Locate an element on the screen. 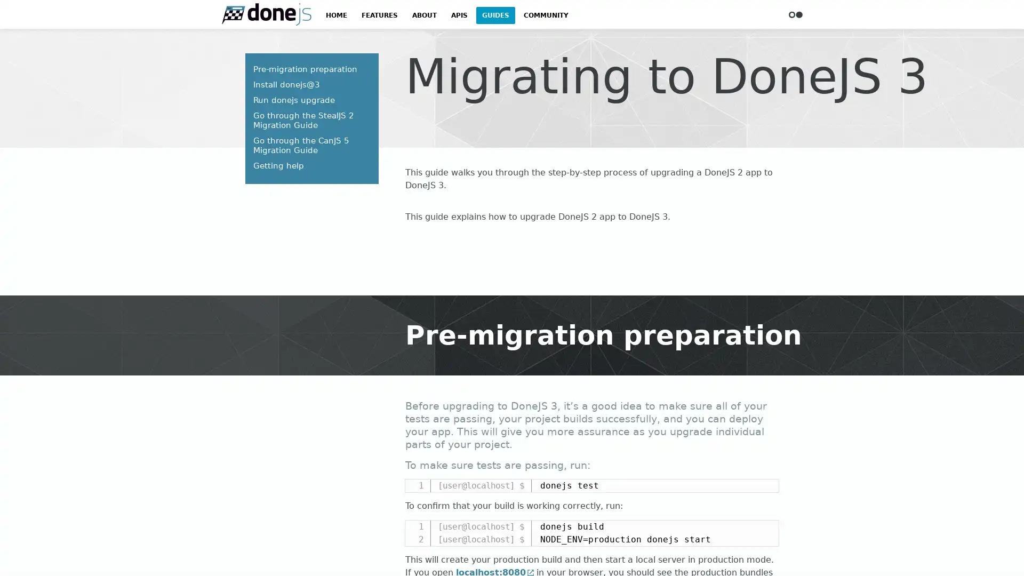  Copy is located at coordinates (765, 528).